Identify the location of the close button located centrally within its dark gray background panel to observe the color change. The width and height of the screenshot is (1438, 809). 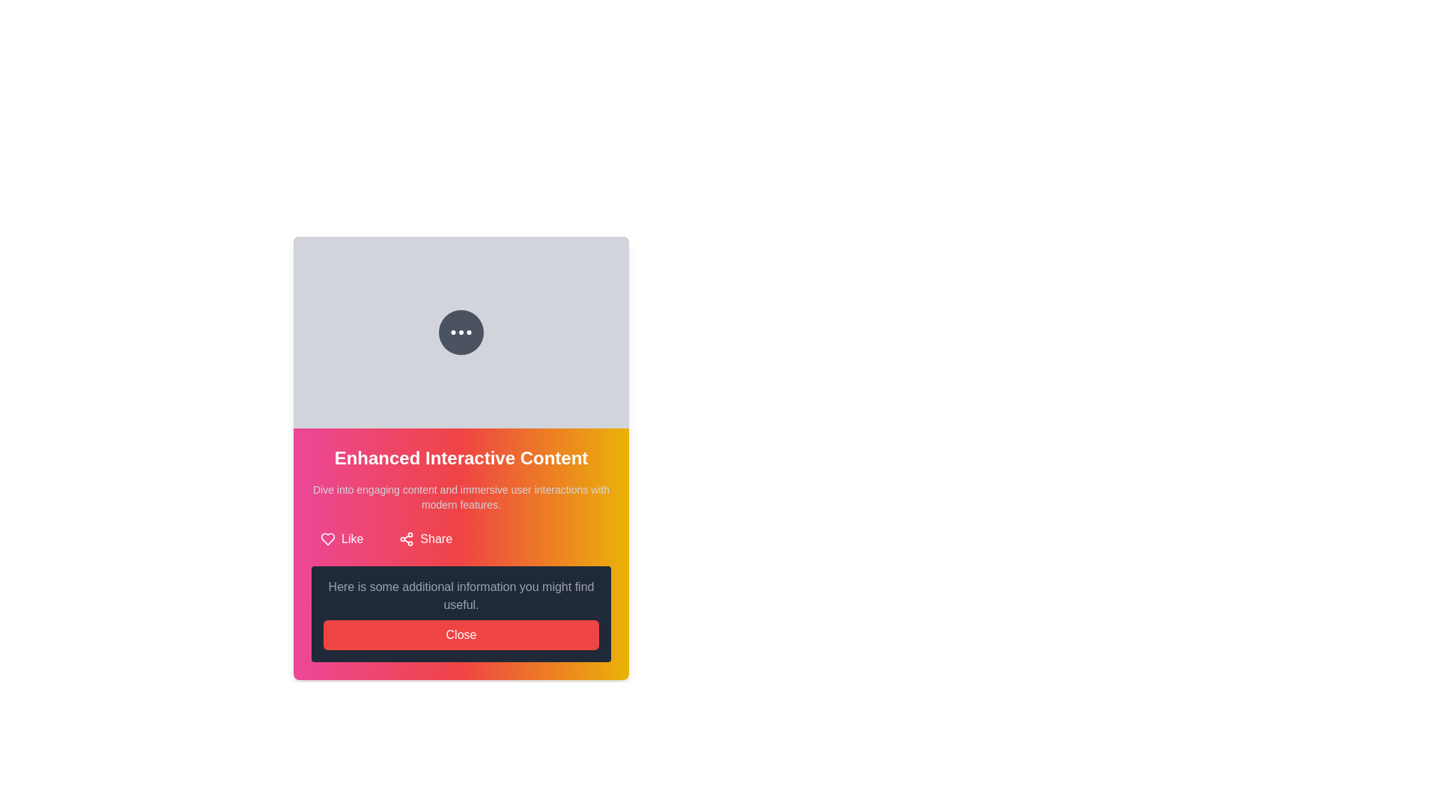
(460, 635).